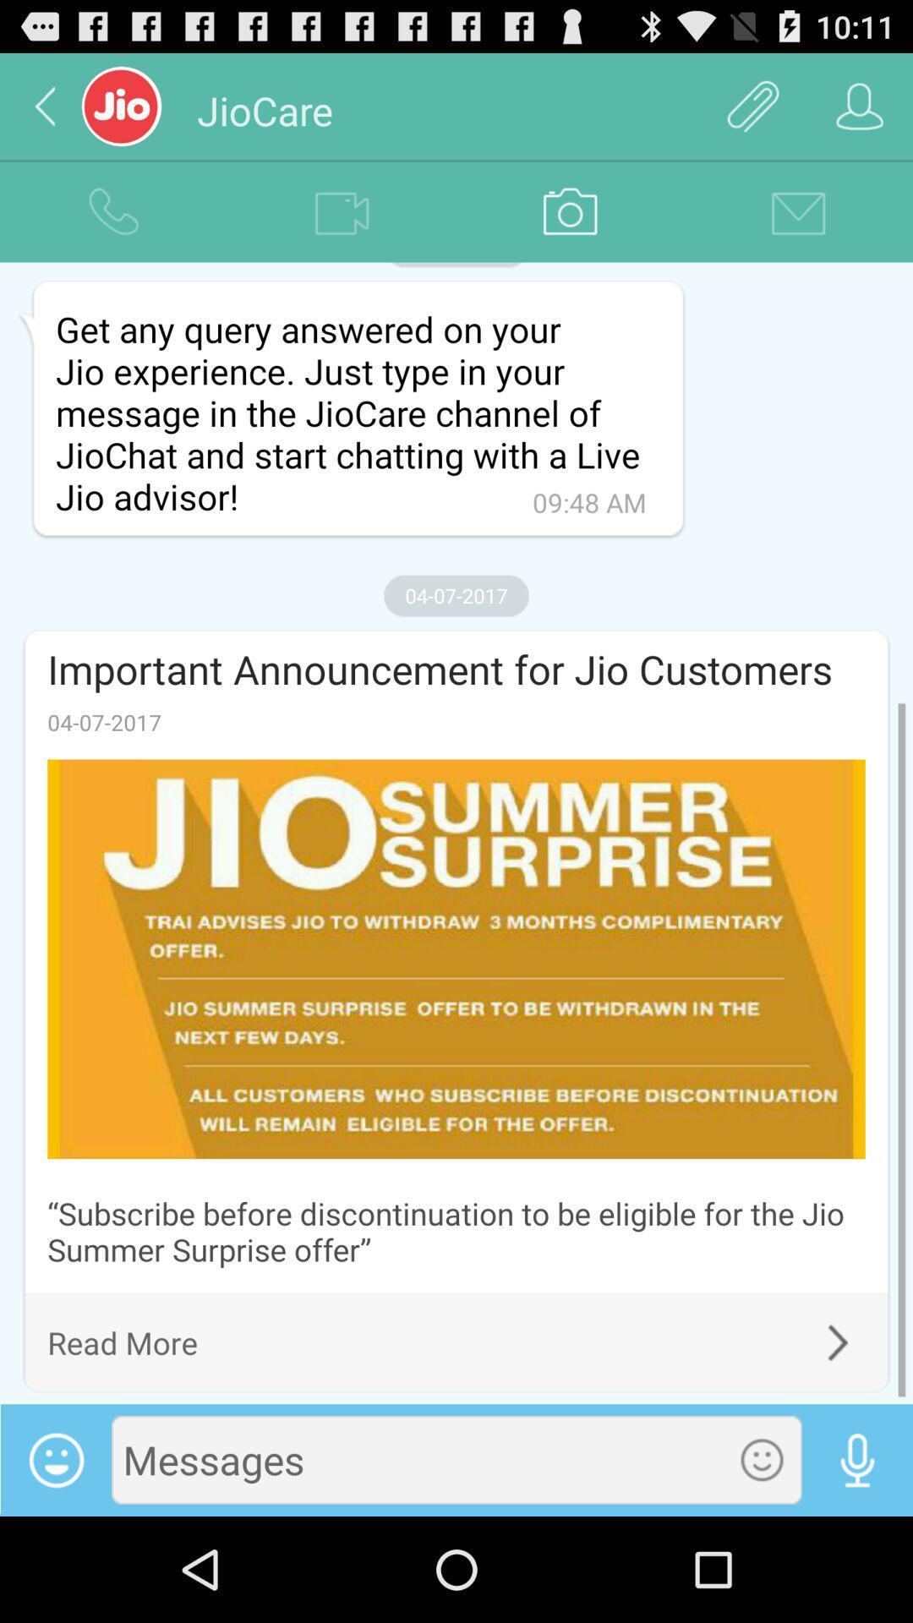 The height and width of the screenshot is (1623, 913). Describe the element at coordinates (55, 1562) in the screenshot. I see `the emoji icon` at that location.